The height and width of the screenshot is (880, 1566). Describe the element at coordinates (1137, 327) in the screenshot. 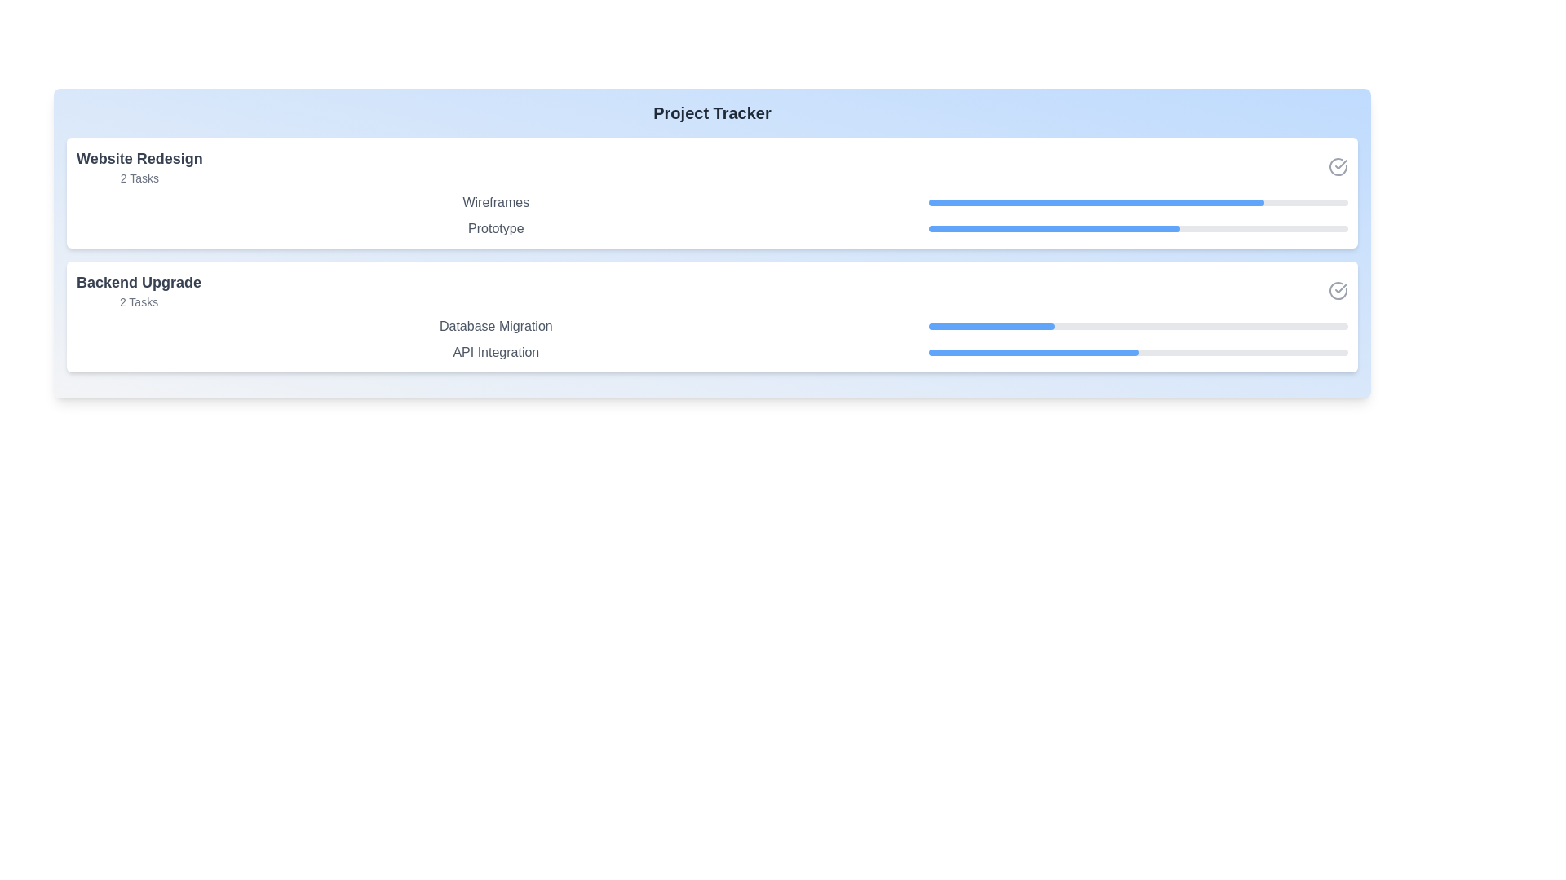

I see `the horizontal progress bar with a light gray background and a blue-filled section, located in the 'Backend Upgrade' group, adjacent to 'Database Migration'` at that location.